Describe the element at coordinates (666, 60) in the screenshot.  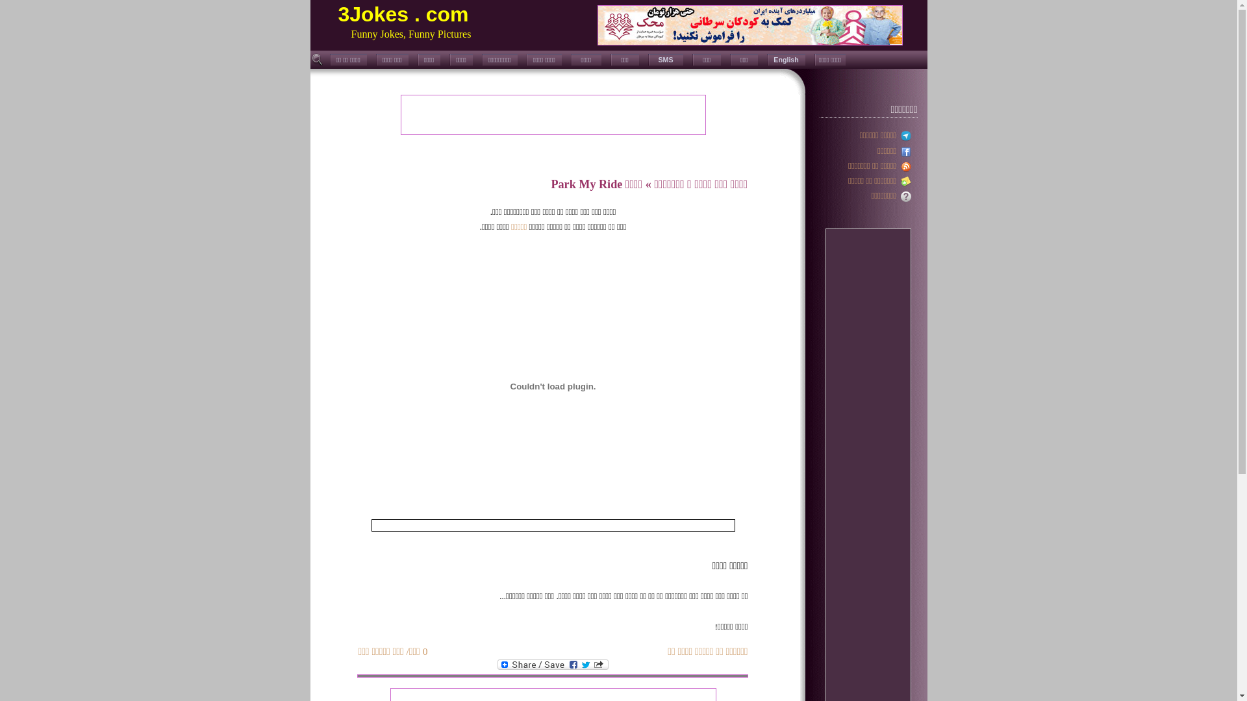
I see `'   SMS   '` at that location.